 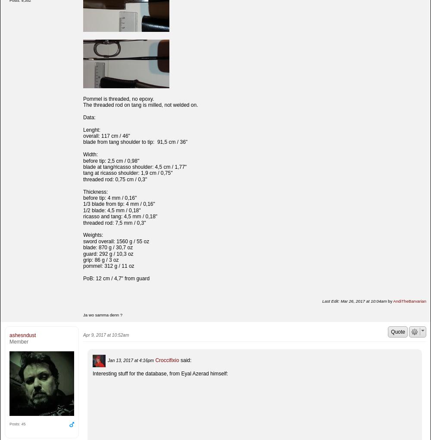 What do you see at coordinates (19, 341) in the screenshot?
I see `'Member'` at bounding box center [19, 341].